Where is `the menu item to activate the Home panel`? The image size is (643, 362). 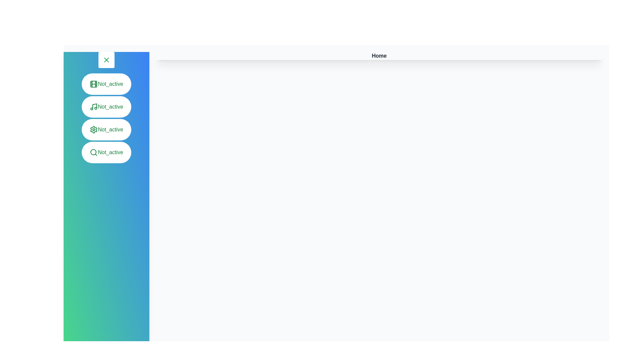 the menu item to activate the Home panel is located at coordinates (106, 83).